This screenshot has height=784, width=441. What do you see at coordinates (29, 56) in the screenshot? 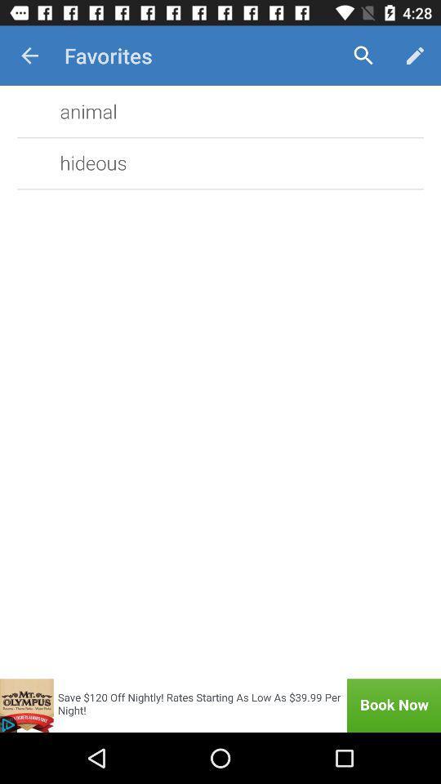
I see `icon above the animal item` at bounding box center [29, 56].